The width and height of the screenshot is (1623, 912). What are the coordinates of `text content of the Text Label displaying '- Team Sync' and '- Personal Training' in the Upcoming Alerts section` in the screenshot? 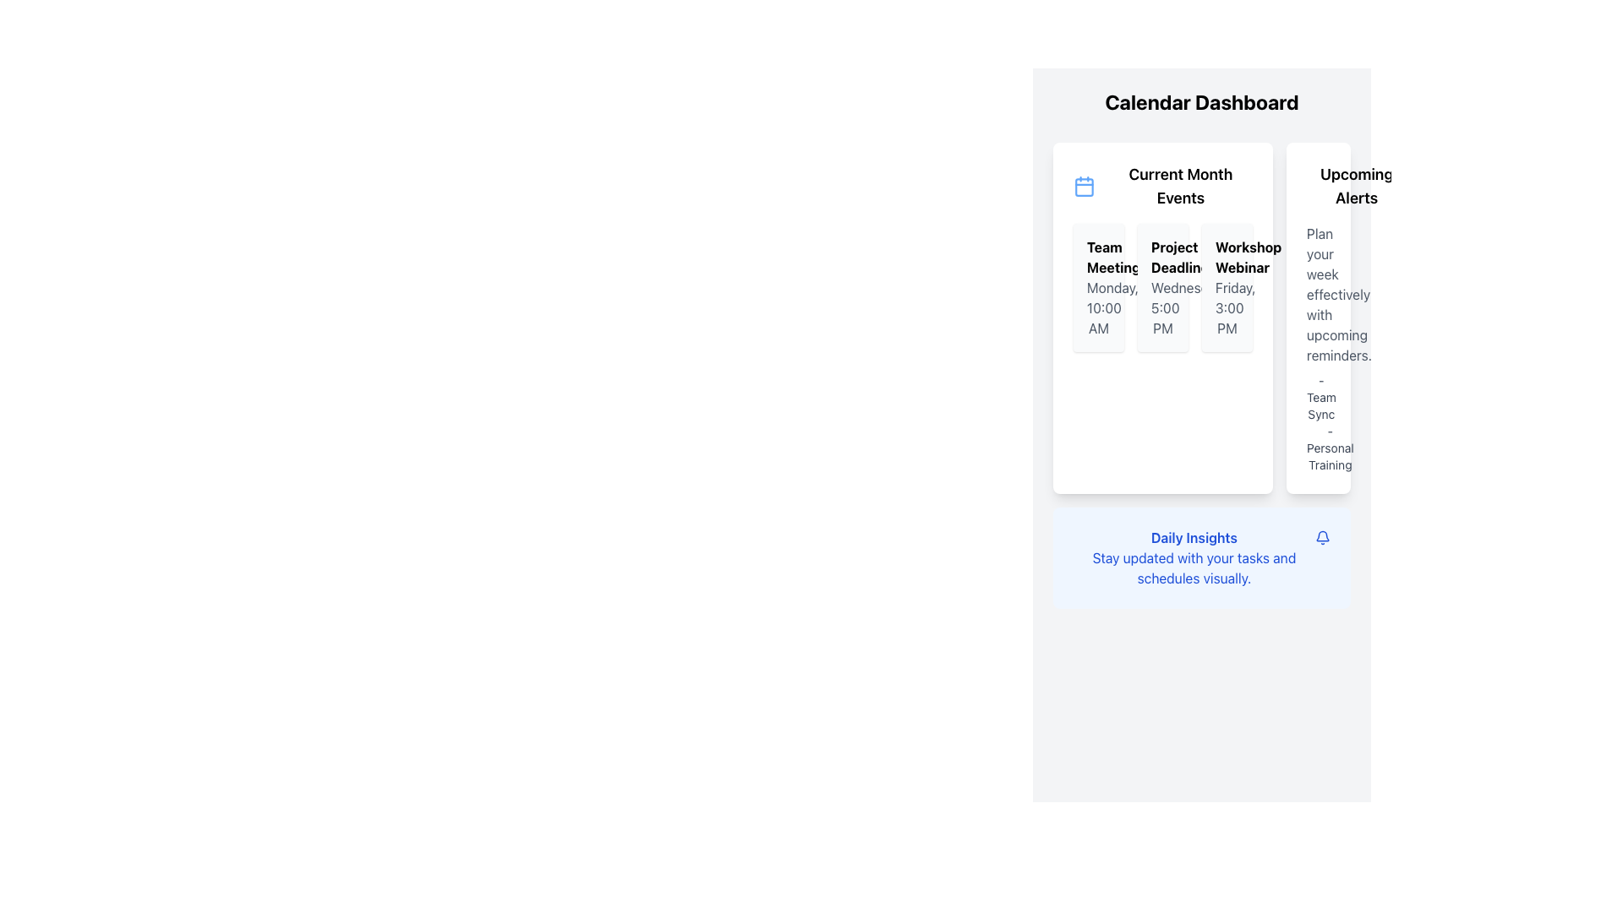 It's located at (1318, 422).